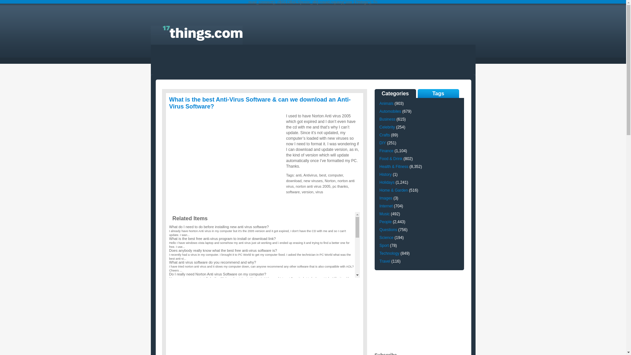 The width and height of the screenshot is (631, 355). Describe the element at coordinates (385, 135) in the screenshot. I see `'Crafts'` at that location.